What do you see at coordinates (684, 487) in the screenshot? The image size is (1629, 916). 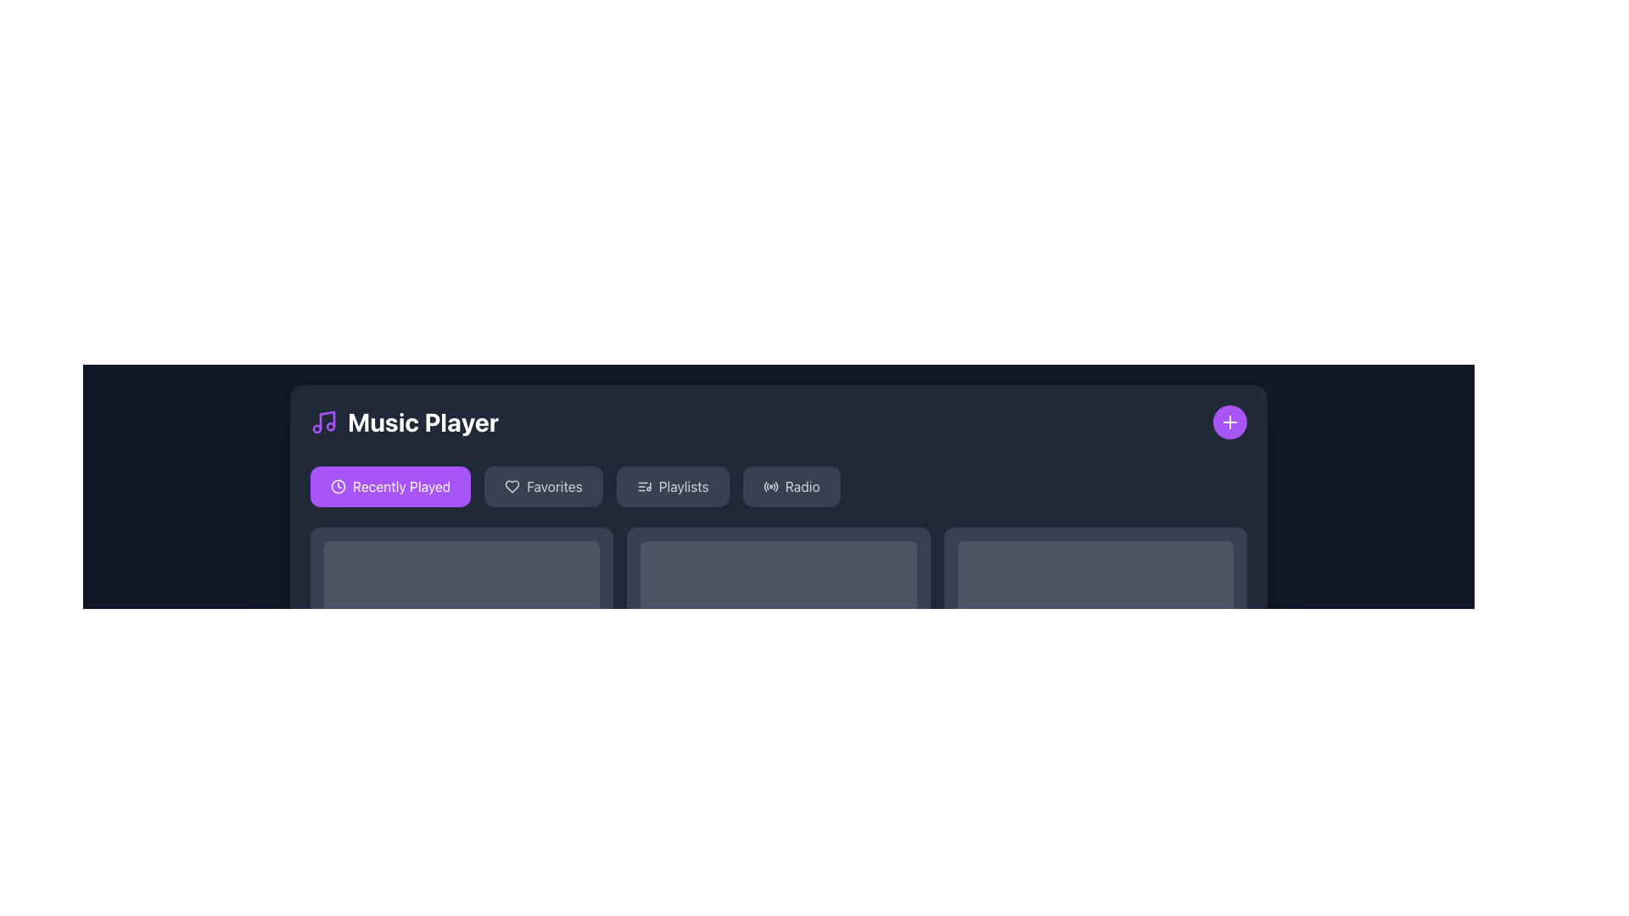 I see `the 'Playlists' text label within the button located in the menu bar of the Music Player, which is styled in light gray and positioned third among four options` at bounding box center [684, 487].